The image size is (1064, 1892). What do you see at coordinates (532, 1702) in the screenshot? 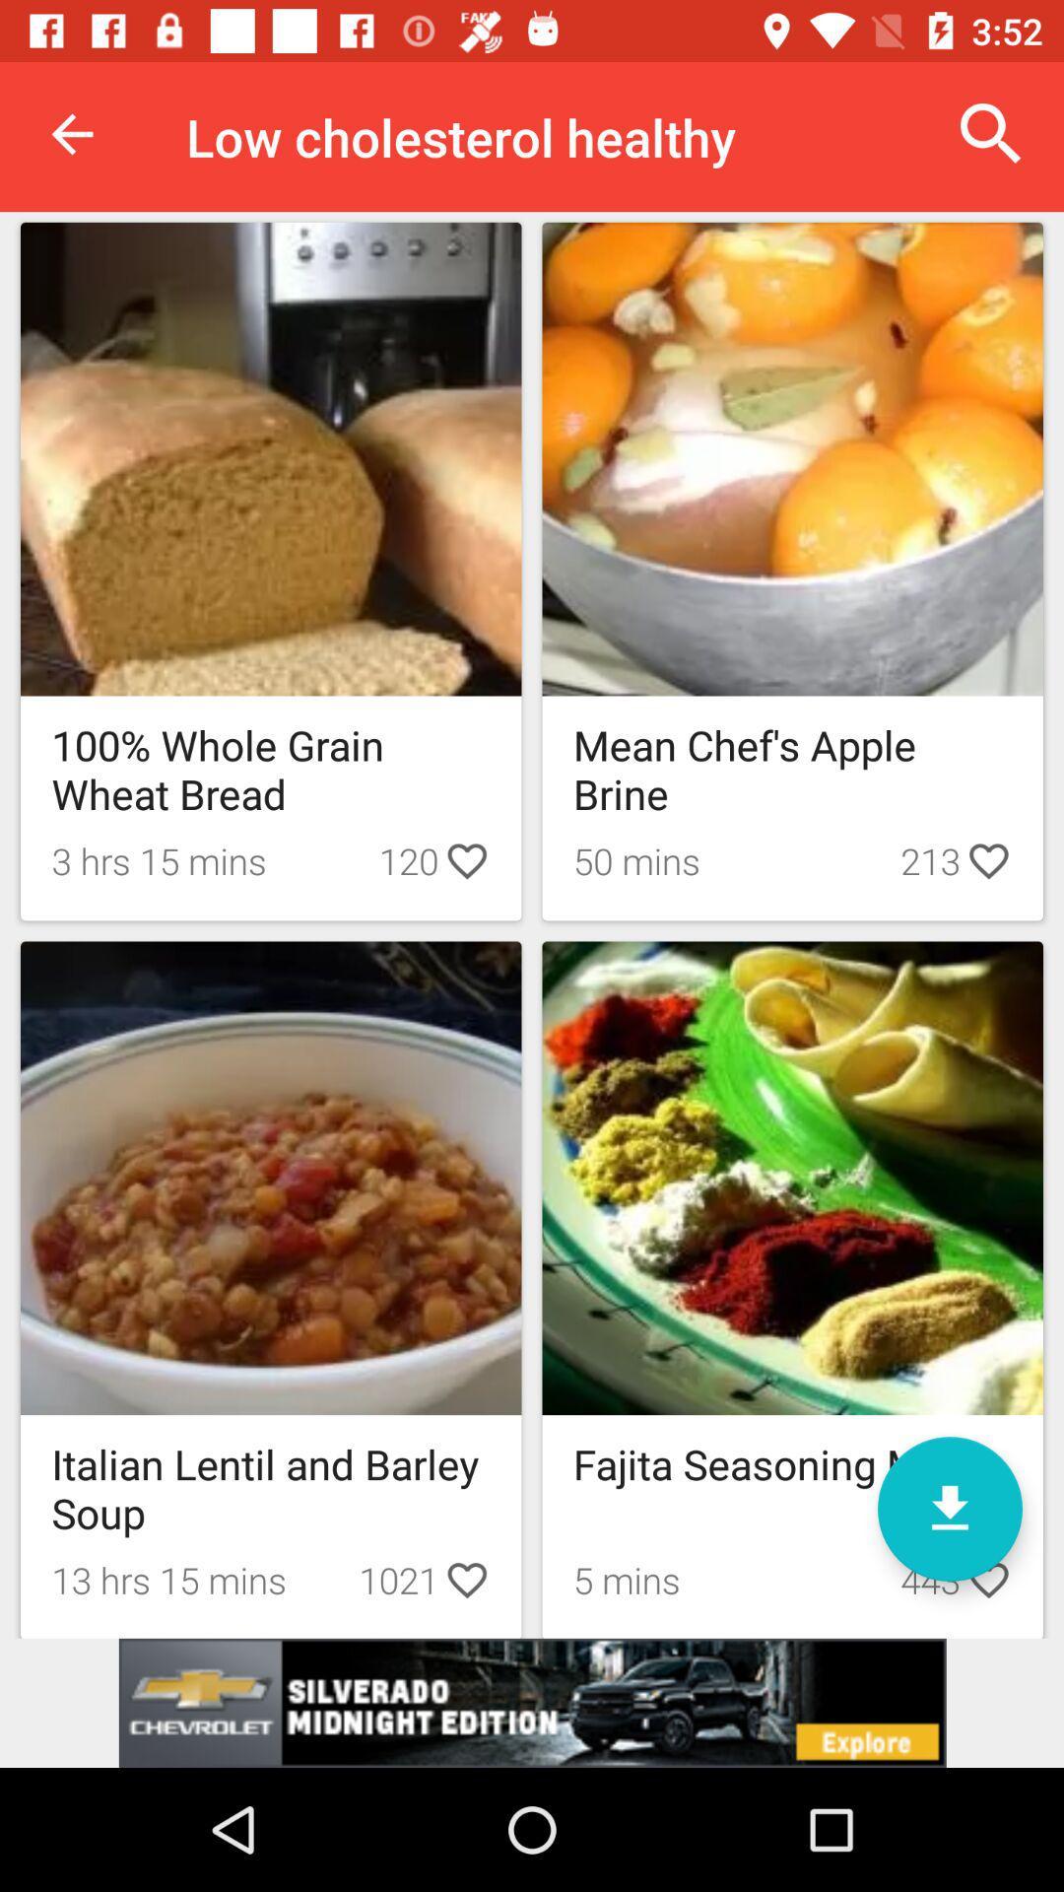
I see `advertisement box` at bounding box center [532, 1702].